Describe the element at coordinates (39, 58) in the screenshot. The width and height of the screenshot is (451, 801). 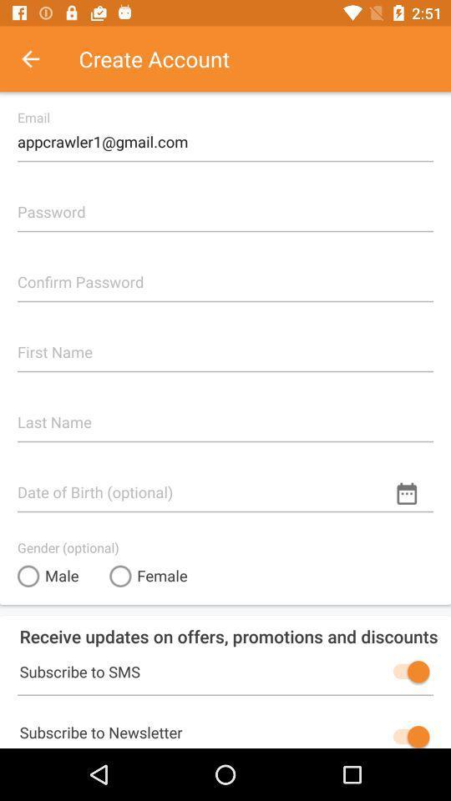
I see `the icon above the appcrawler1@gmail.com item` at that location.